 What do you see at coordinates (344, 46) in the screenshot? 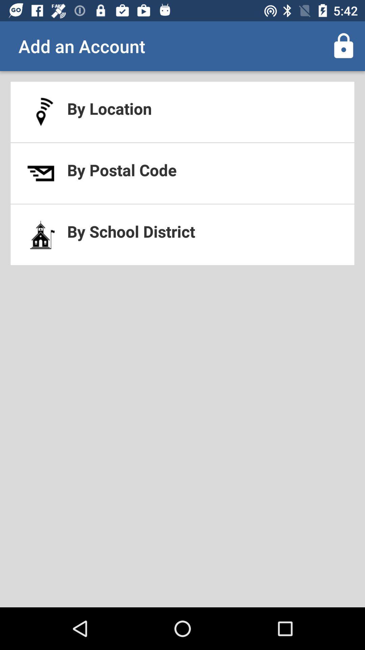
I see `icon at the top right corner` at bounding box center [344, 46].